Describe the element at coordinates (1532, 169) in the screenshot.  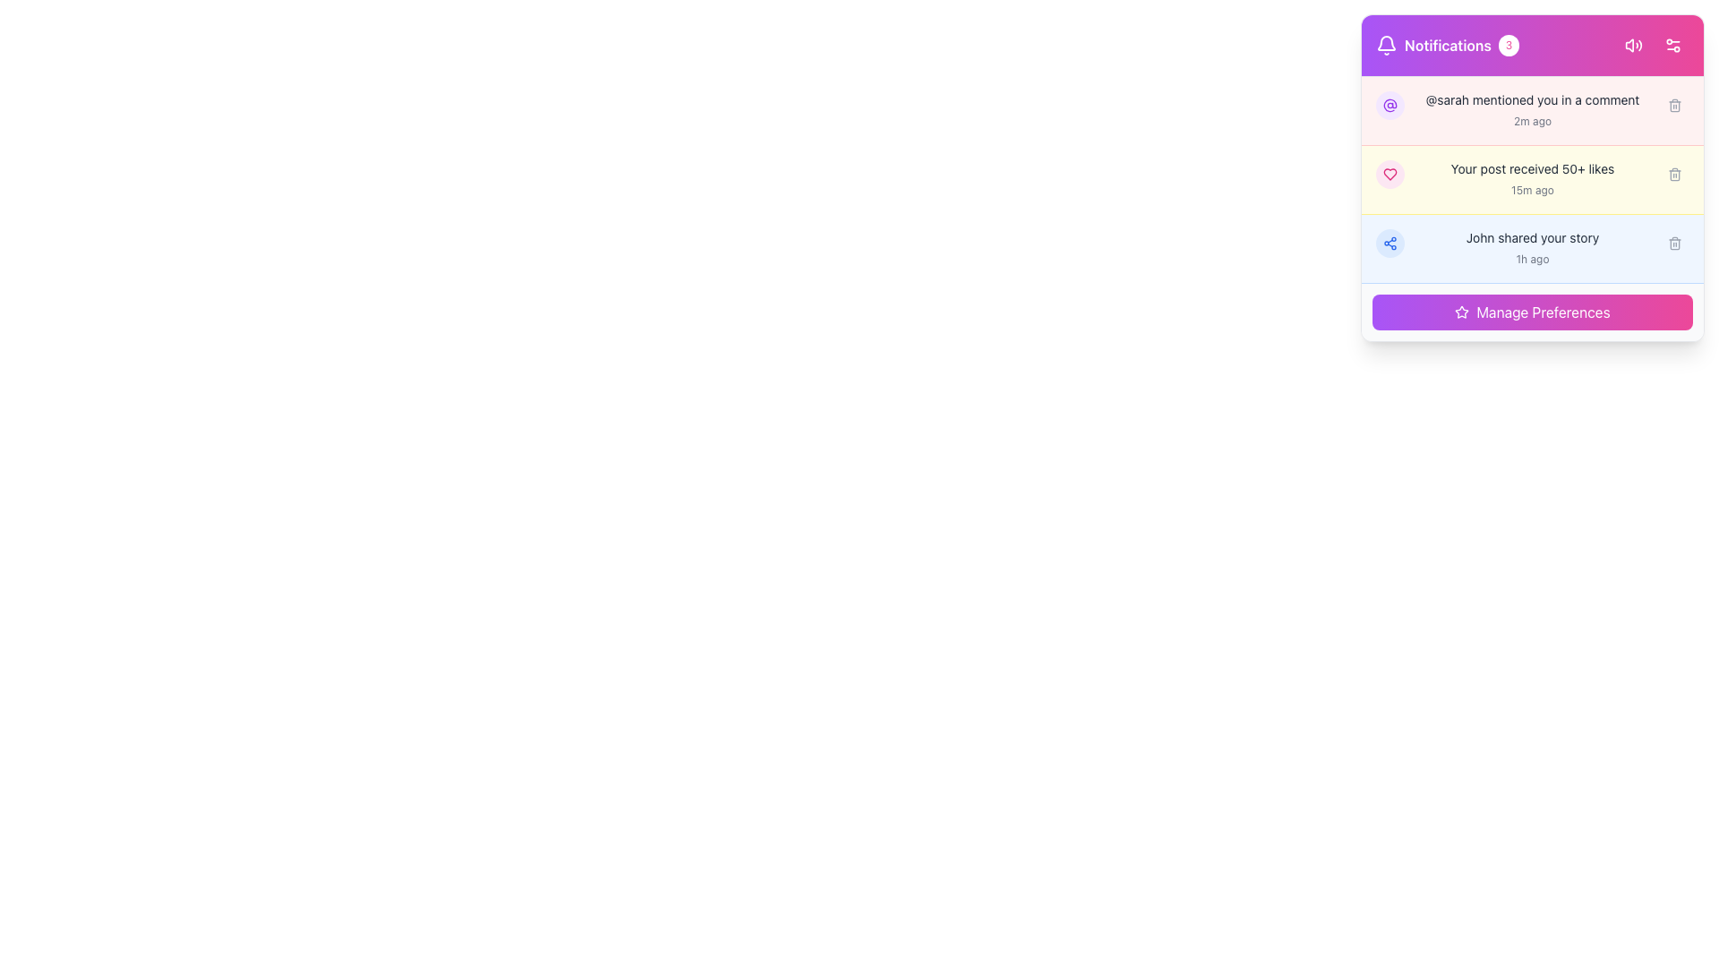
I see `static text label stating 'Your post received 50+ likes,' which is styled with gray text and located in the yellow notification block in the middle area of the notification card` at that location.